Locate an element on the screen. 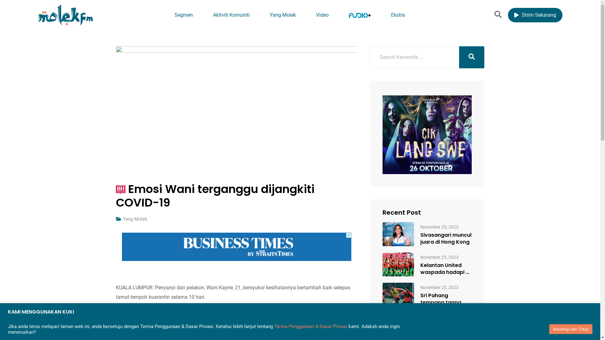  'Ekstra' is located at coordinates (381, 15).